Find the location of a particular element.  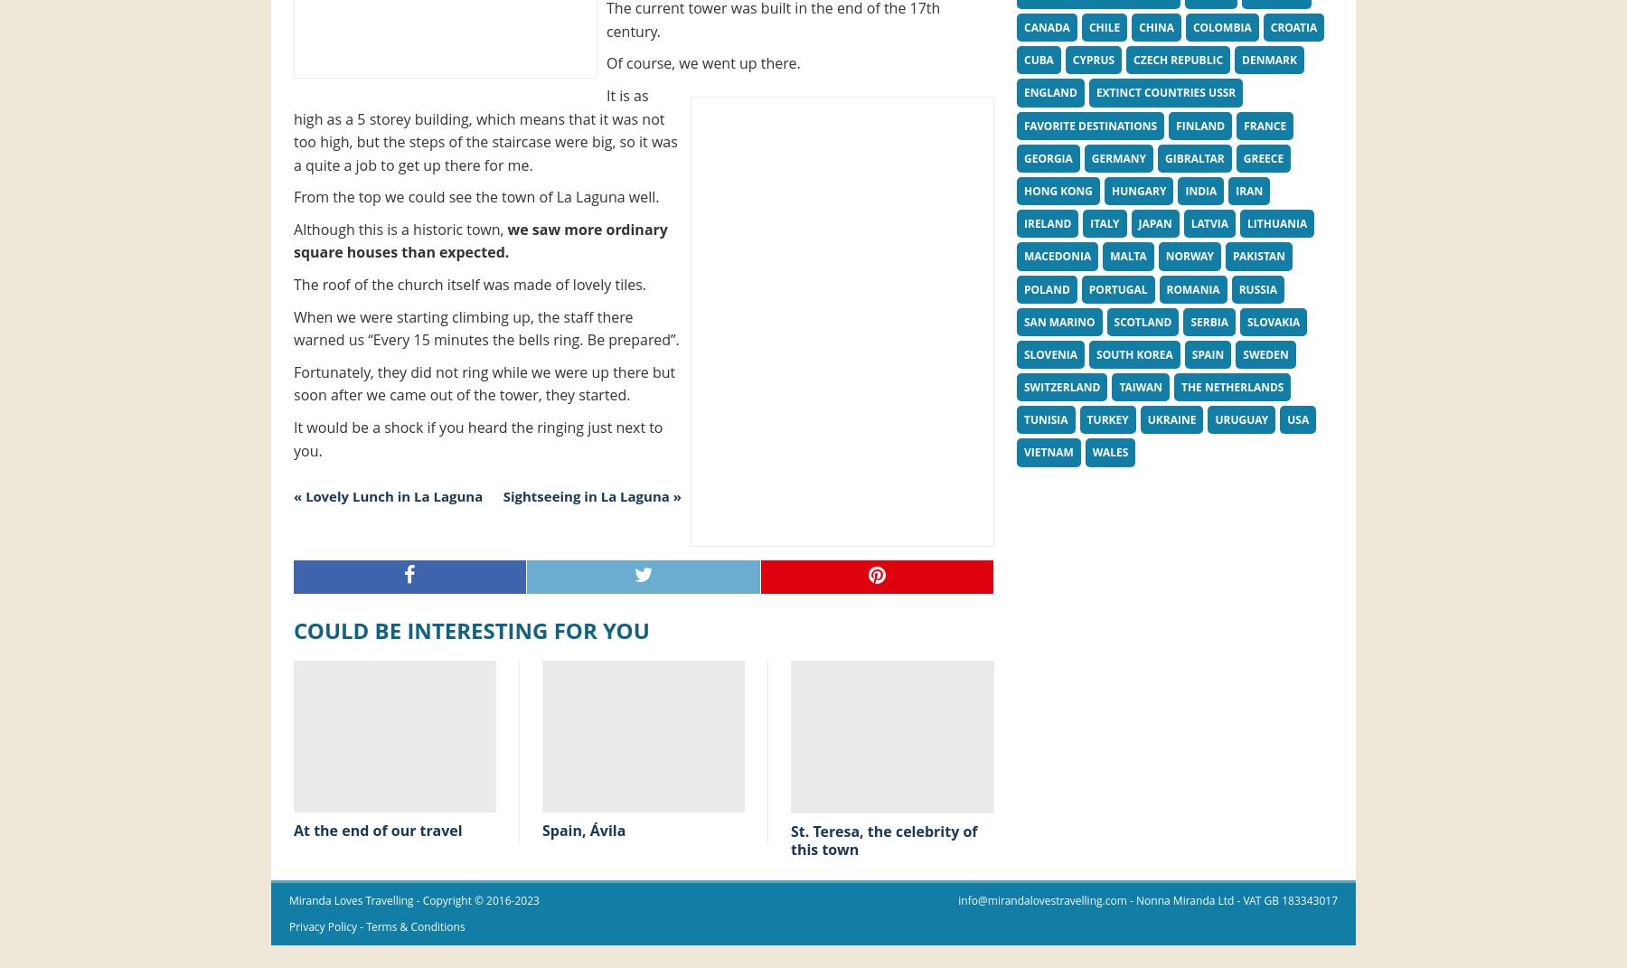

'It would be a shock if you heard the ringing just next to you.' is located at coordinates (477, 437).